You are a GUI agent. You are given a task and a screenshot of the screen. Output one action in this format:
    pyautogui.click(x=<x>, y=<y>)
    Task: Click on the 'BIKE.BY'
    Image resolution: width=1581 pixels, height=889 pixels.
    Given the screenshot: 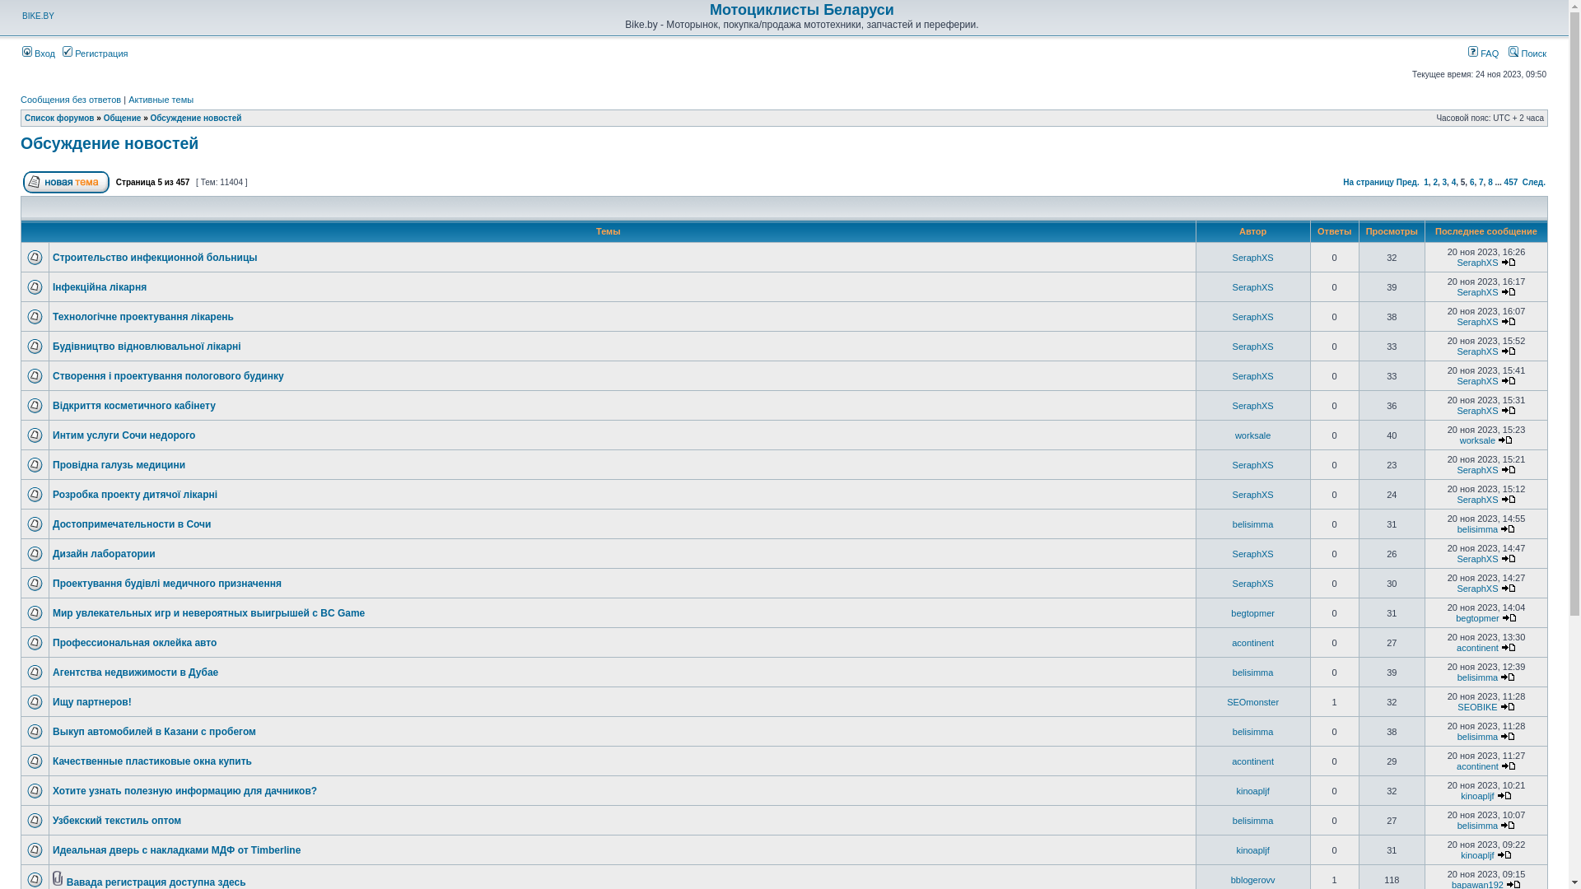 What is the action you would take?
    pyautogui.click(x=38, y=16)
    